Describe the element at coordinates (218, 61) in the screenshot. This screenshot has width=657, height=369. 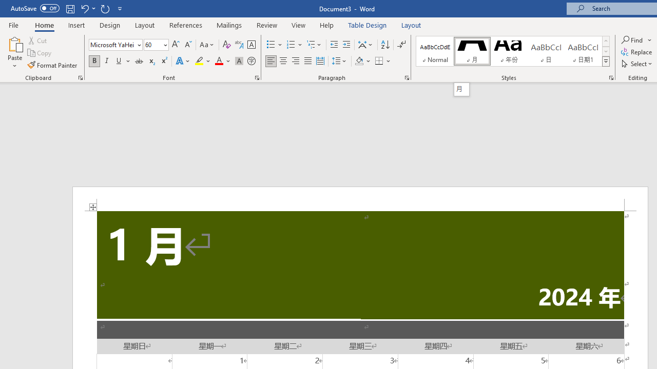
I see `'Font Color RGB(255, 0, 0)'` at that location.